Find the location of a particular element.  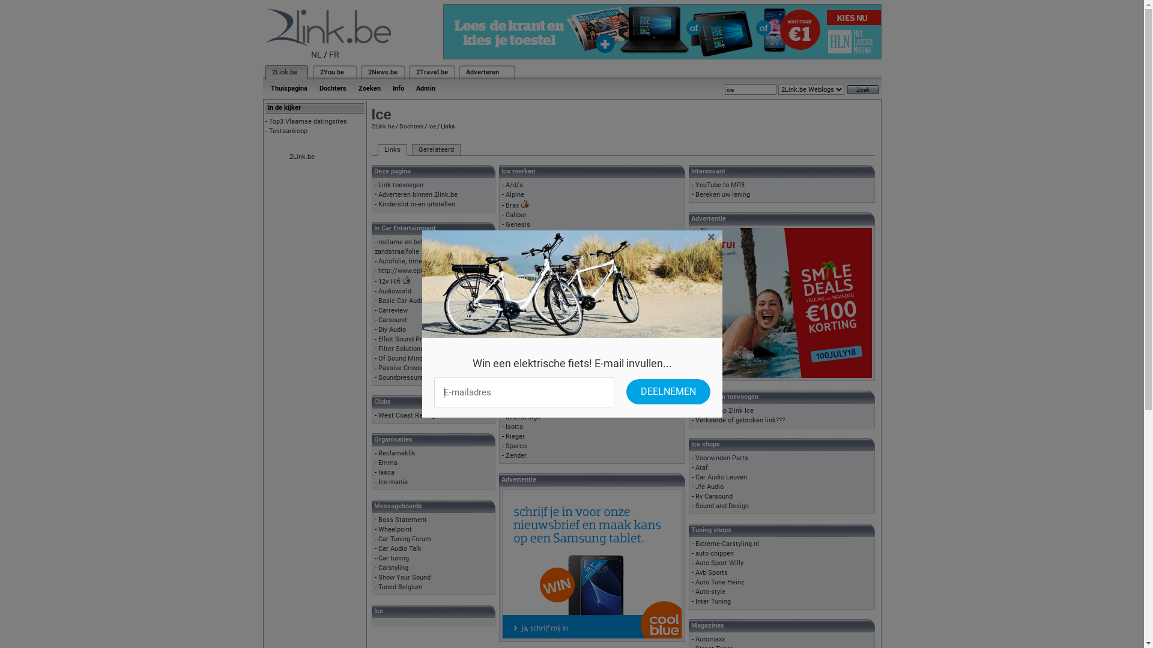

'reclame en belettering - zandstraalfolie' is located at coordinates (412, 246).